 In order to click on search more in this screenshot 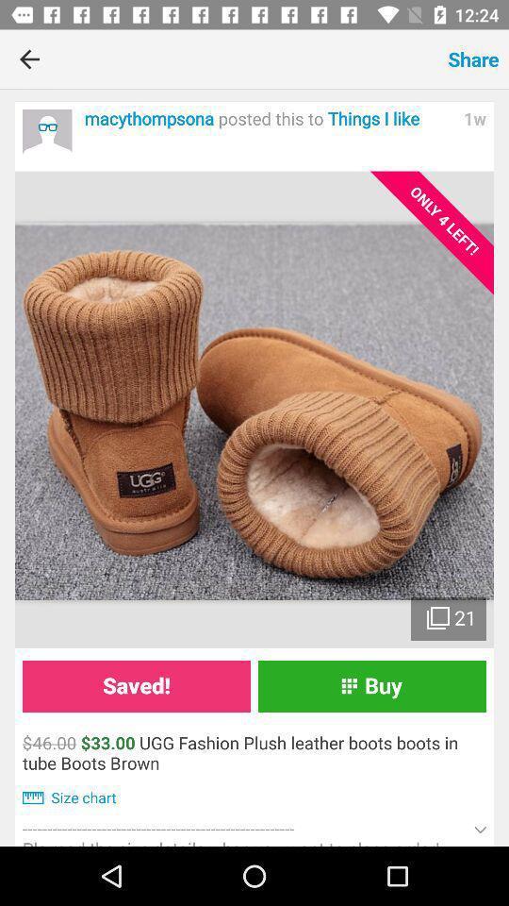, I will do `click(47, 133)`.